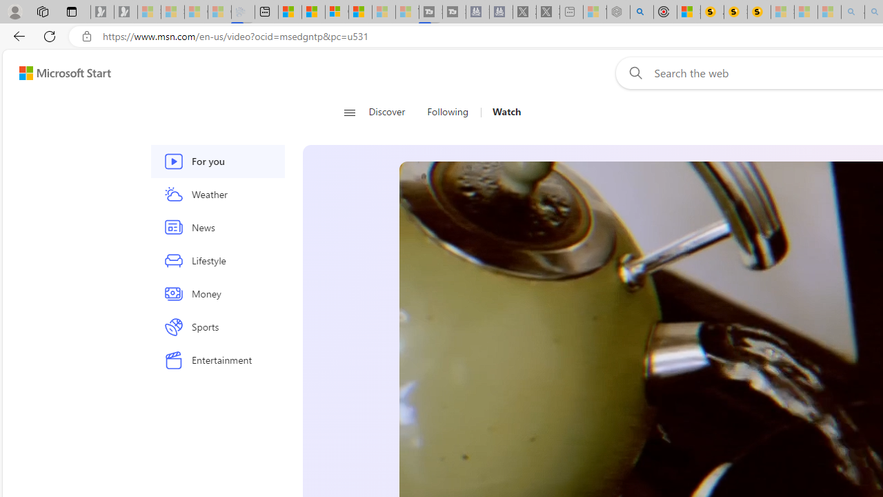  Describe the element at coordinates (349, 112) in the screenshot. I see `'Open navigation menu'` at that location.